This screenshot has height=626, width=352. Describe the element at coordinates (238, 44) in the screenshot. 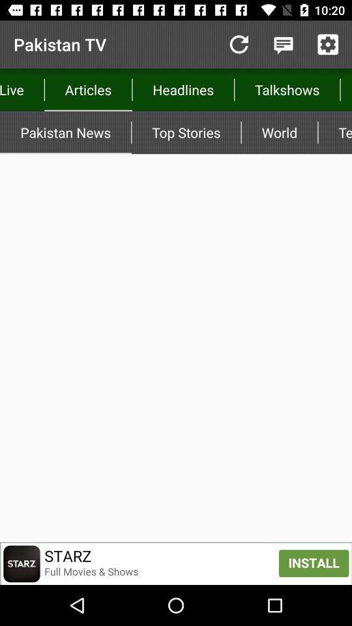

I see `refresh` at that location.